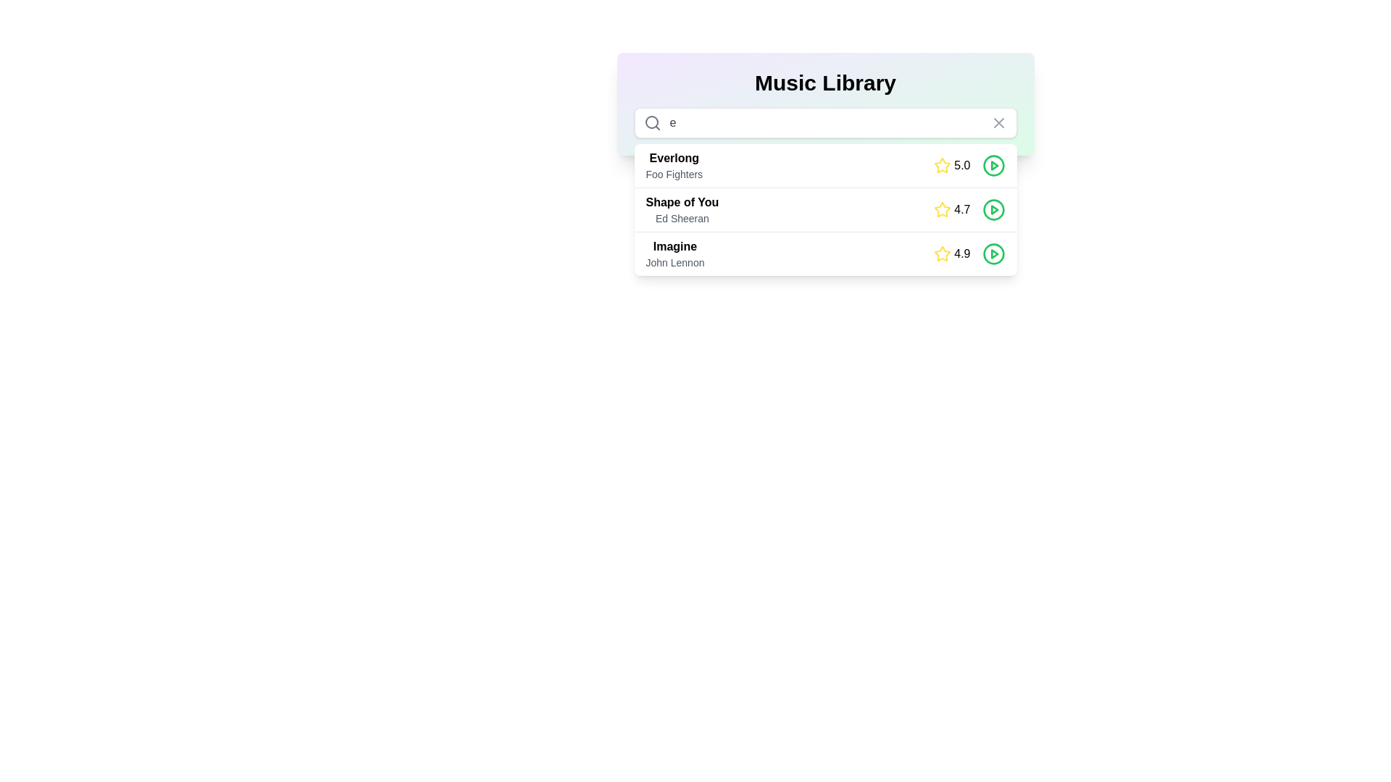 This screenshot has width=1391, height=782. Describe the element at coordinates (825, 83) in the screenshot. I see `header text element labeled 'Music Library' for contextual information` at that location.